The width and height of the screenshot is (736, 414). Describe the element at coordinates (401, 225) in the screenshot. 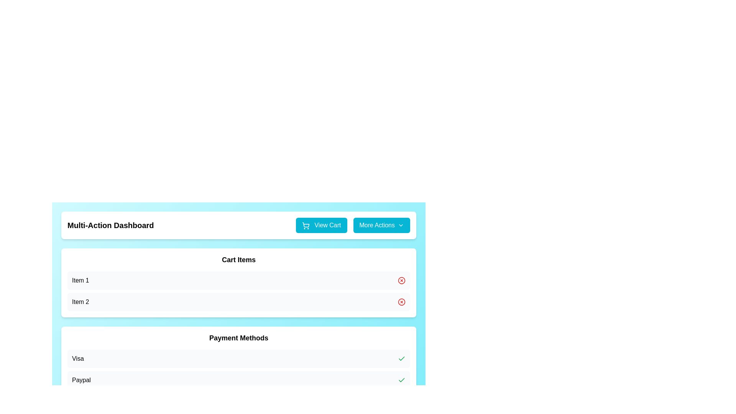

I see `the downward-facing chevron icon` at that location.